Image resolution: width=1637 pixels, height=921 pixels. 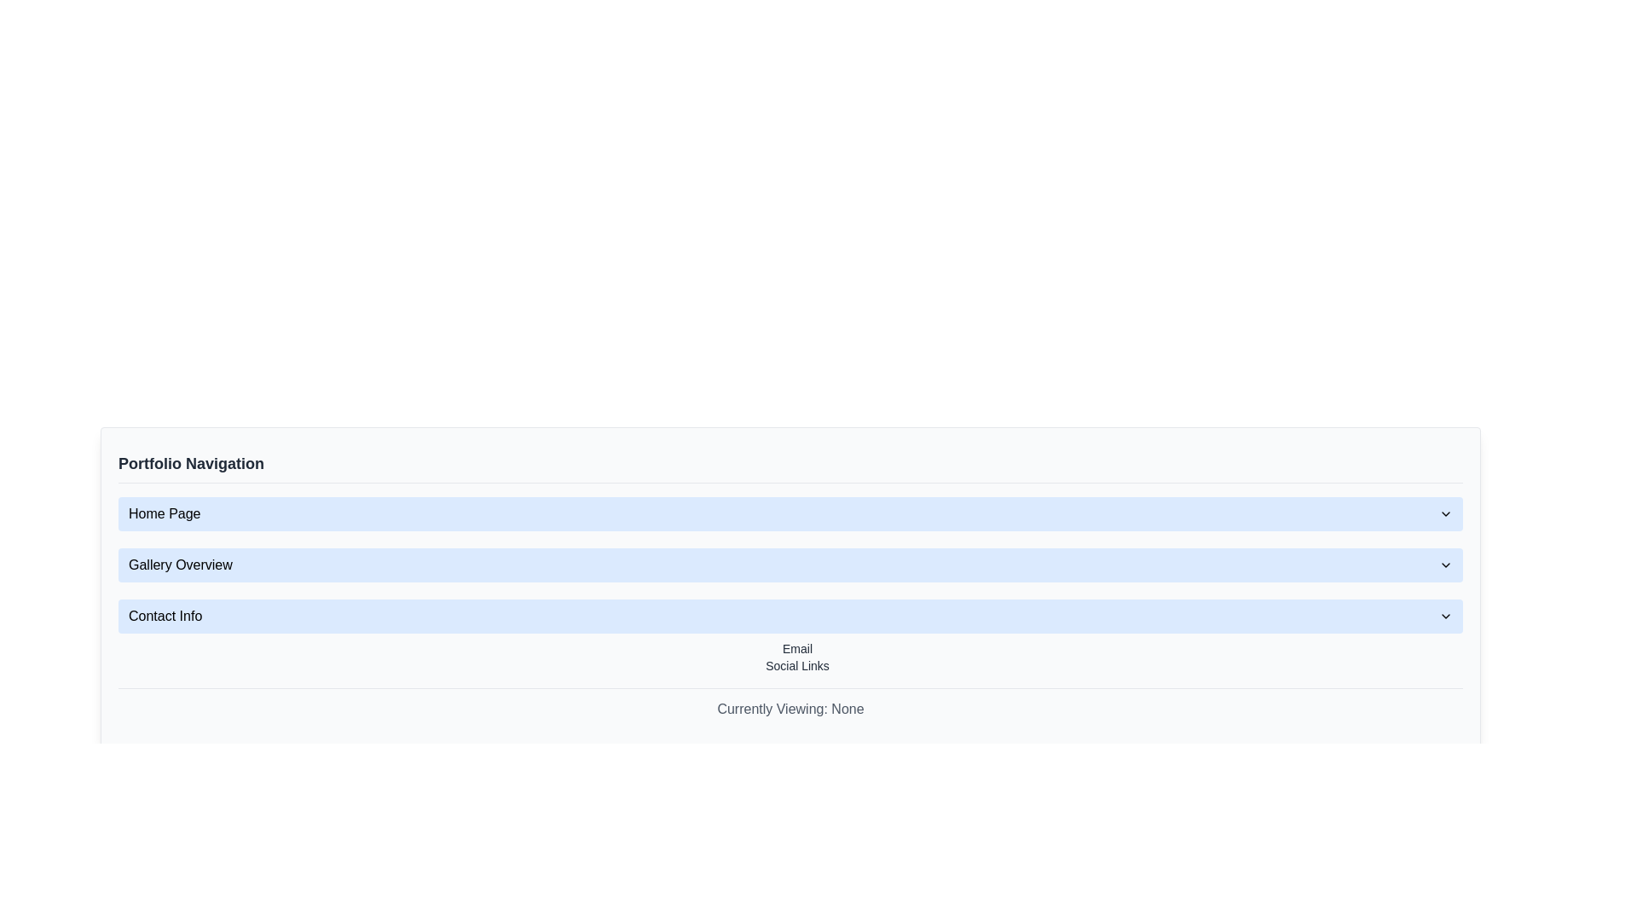 What do you see at coordinates (1444, 513) in the screenshot?
I see `the downward-pointing chevron icon located on the right side of the 'Home Page' button` at bounding box center [1444, 513].